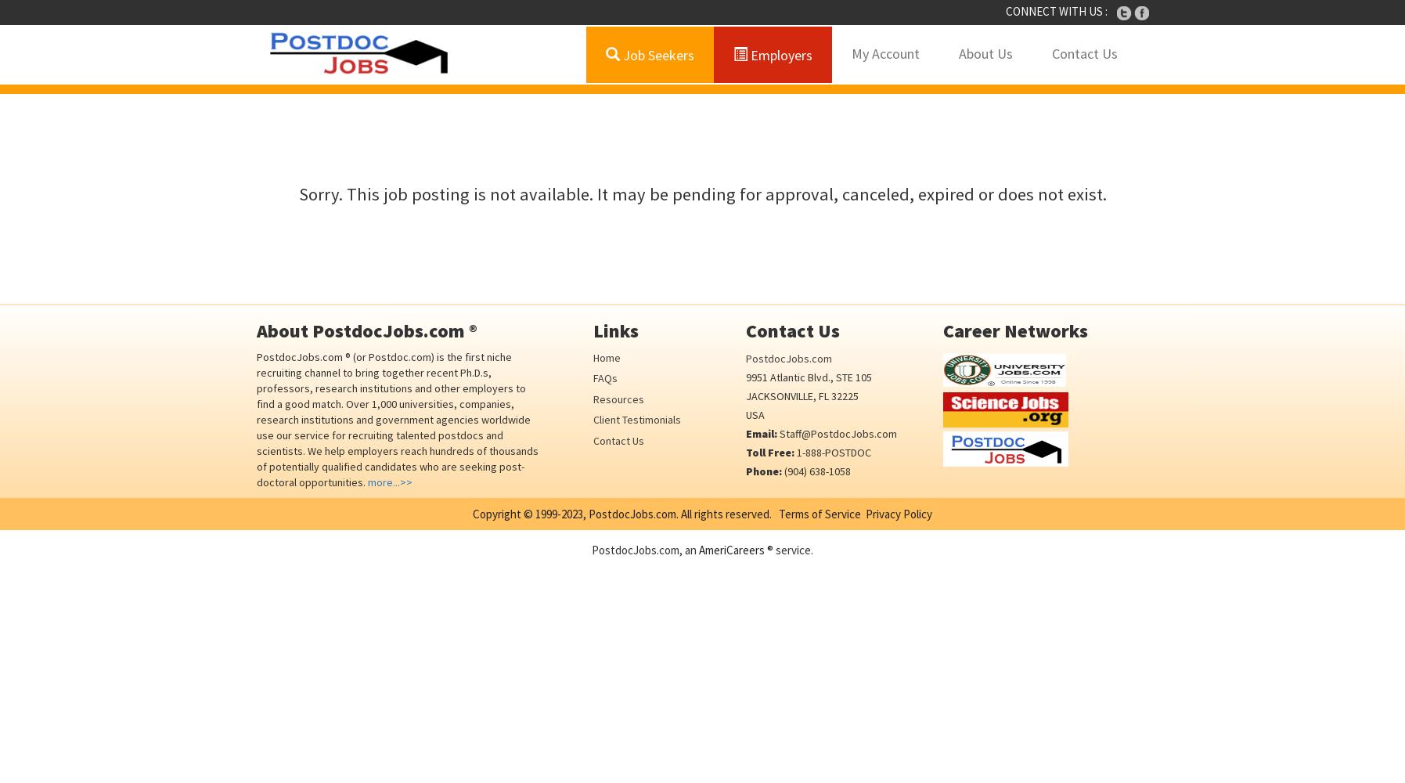 The height and width of the screenshot is (783, 1405). What do you see at coordinates (732, 549) in the screenshot?
I see `'AmeriCareers'` at bounding box center [732, 549].